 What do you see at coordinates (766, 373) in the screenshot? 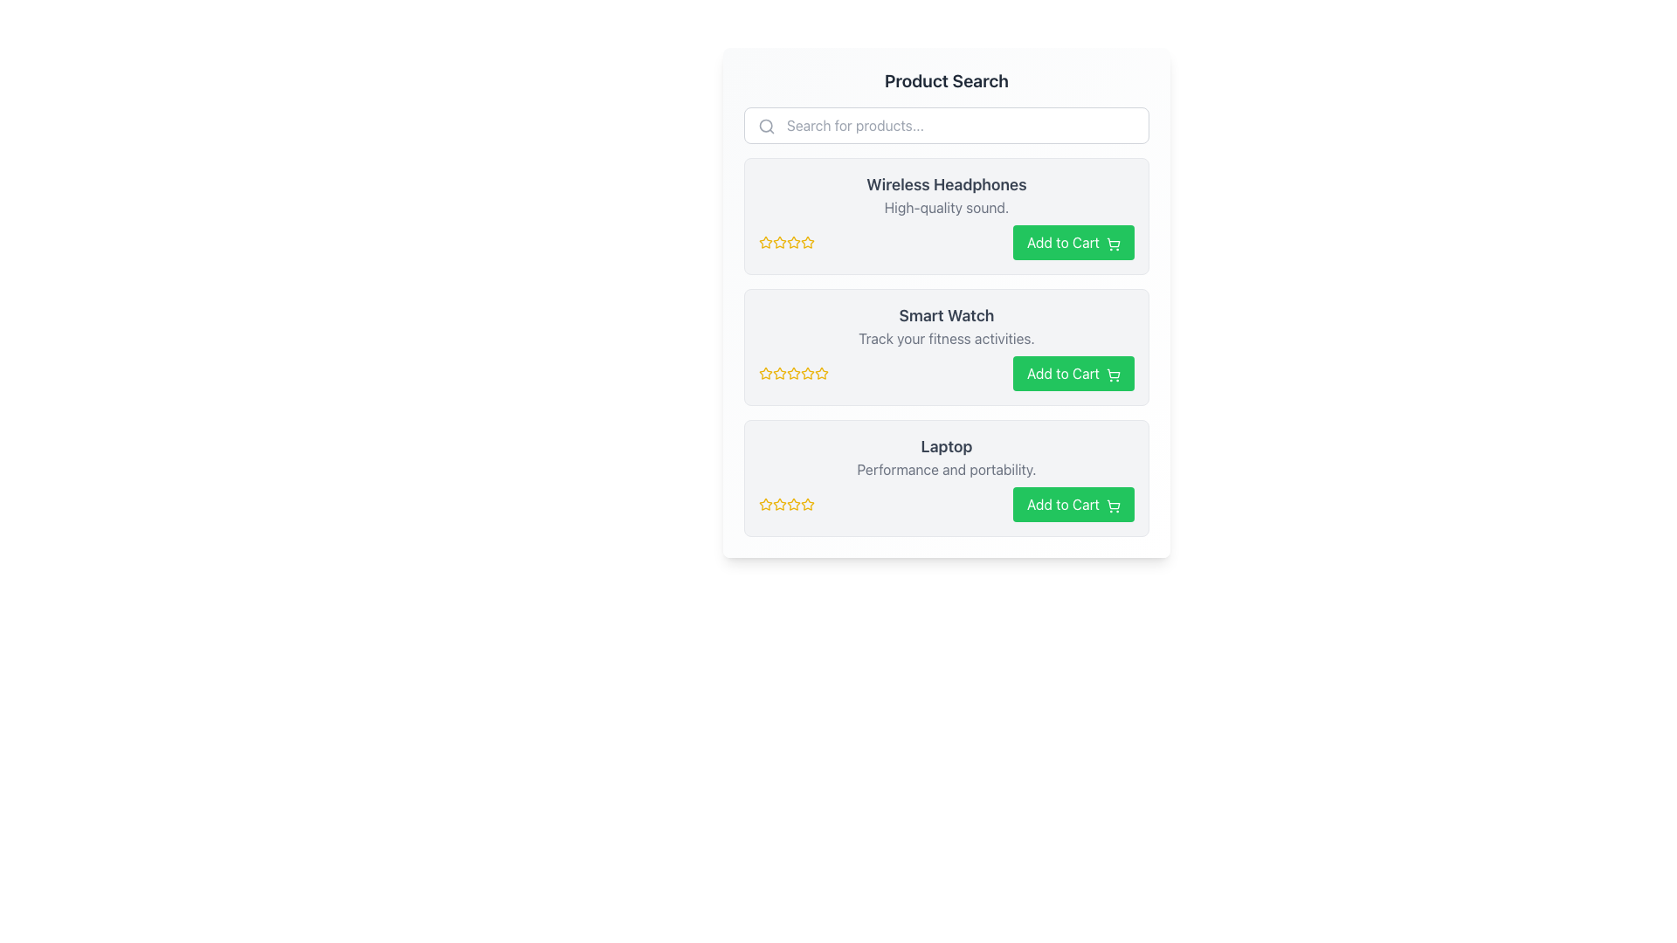
I see `the first star icon` at bounding box center [766, 373].